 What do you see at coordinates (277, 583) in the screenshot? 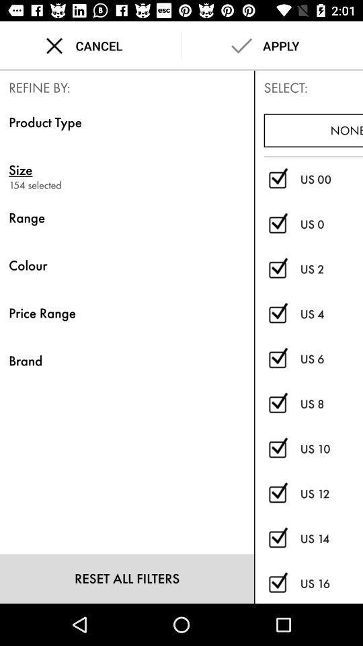
I see `unselect` at bounding box center [277, 583].